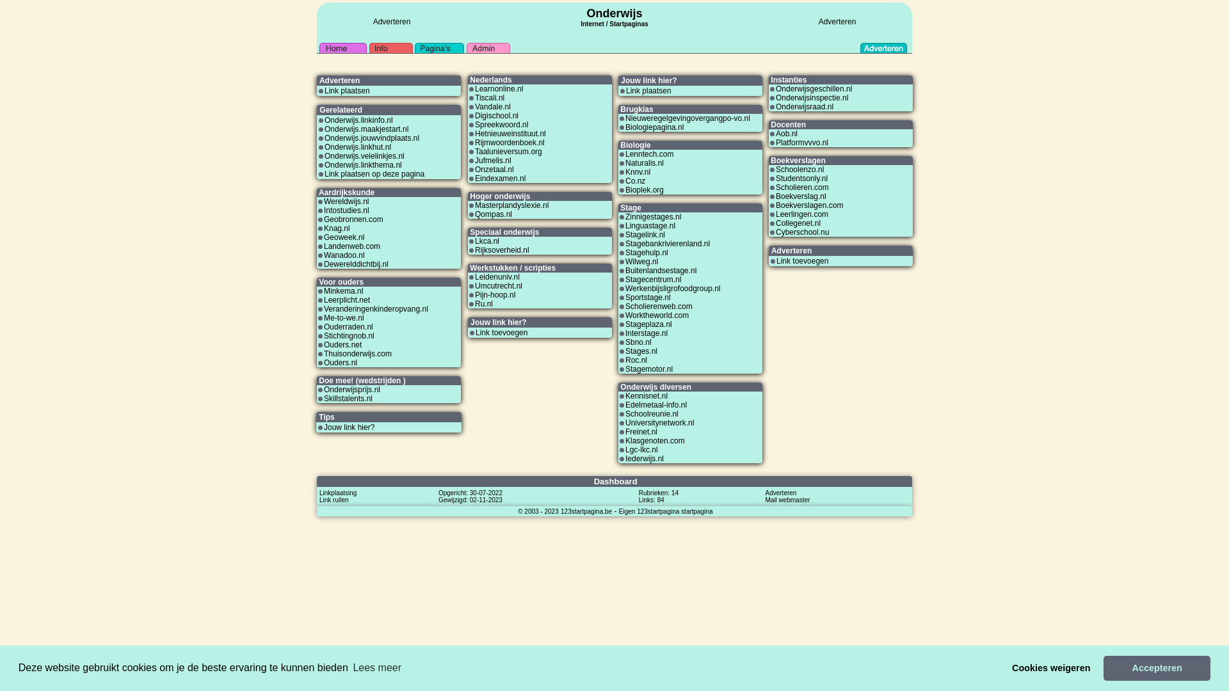  What do you see at coordinates (653, 278) in the screenshot?
I see `'Stagecentrum.nl'` at bounding box center [653, 278].